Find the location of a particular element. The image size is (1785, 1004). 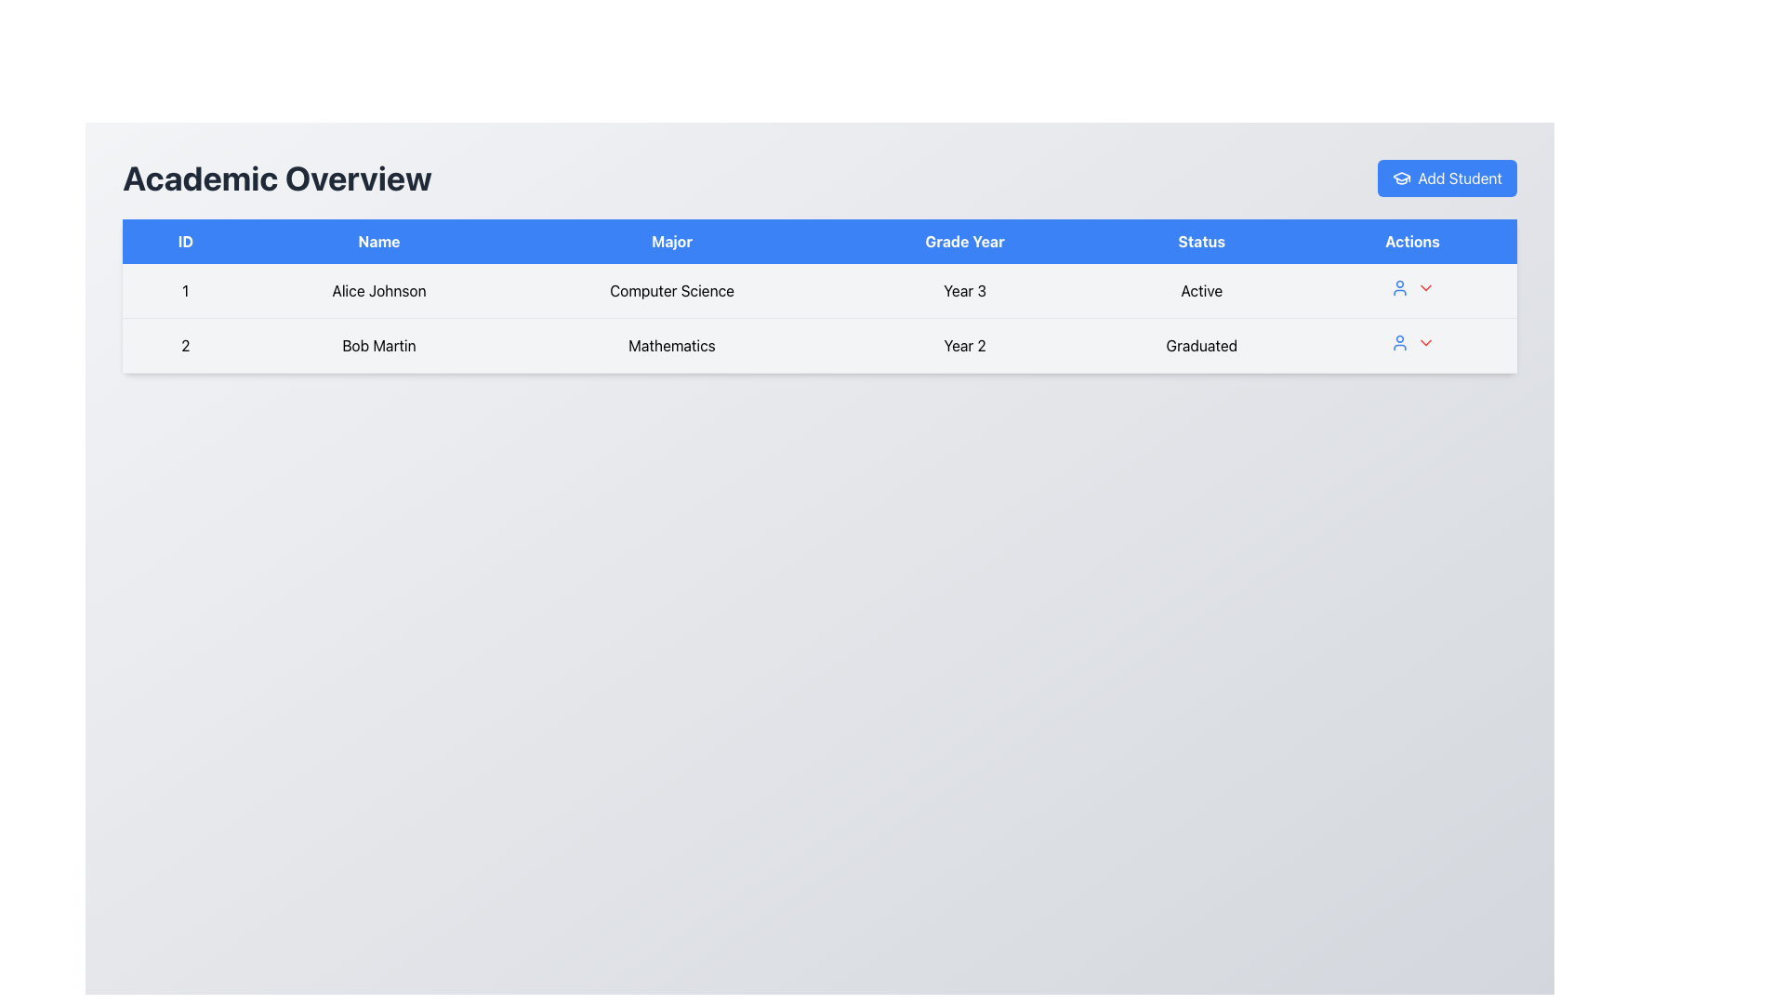

the graduation cap icon on the blue 'Add Student' button located at the top-right corner of the interface is located at coordinates (1401, 178).